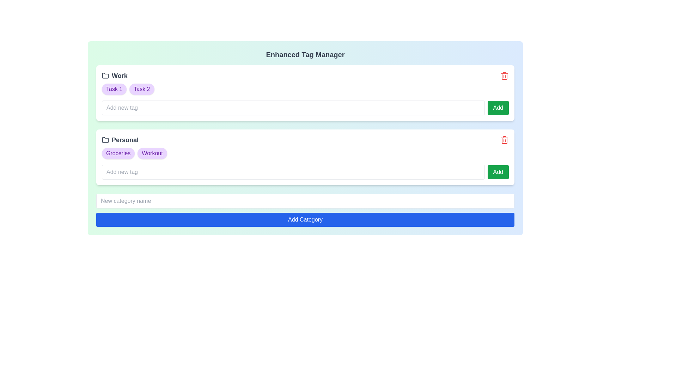 The width and height of the screenshot is (677, 381). Describe the element at coordinates (152, 153) in the screenshot. I see `the pill-shaped tag labeled 'Workout' with a purple background, located in the 'Personal' section as the second tag next to 'Groceries'` at that location.